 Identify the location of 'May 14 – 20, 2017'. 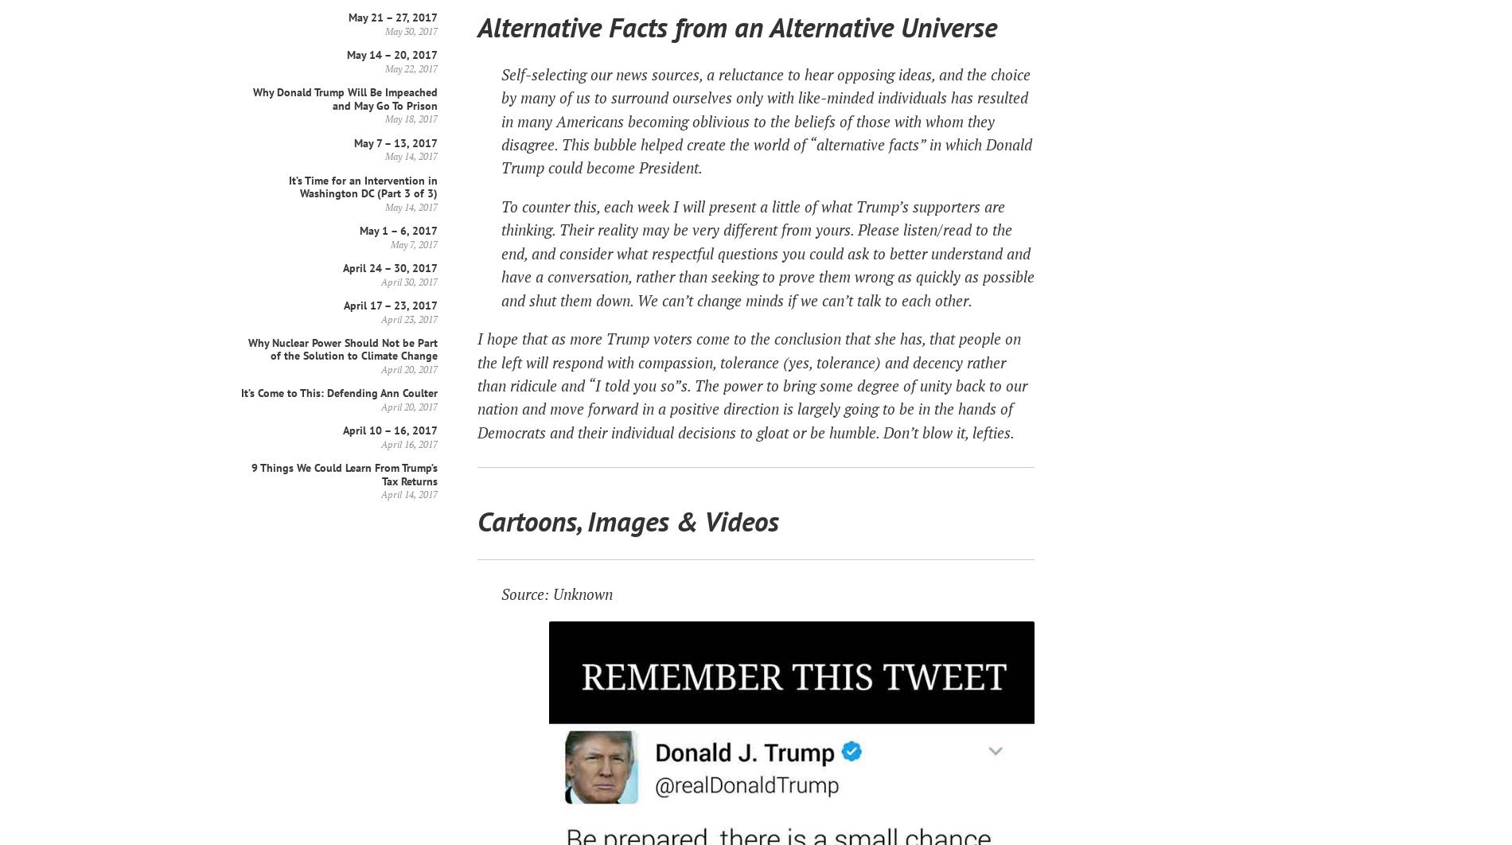
(392, 54).